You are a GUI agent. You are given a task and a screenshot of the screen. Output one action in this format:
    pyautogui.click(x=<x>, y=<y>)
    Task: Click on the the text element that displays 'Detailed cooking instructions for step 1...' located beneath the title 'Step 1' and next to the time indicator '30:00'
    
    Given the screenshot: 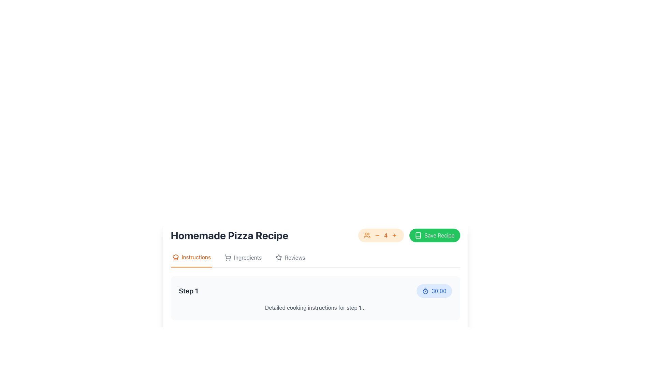 What is the action you would take?
    pyautogui.click(x=315, y=307)
    